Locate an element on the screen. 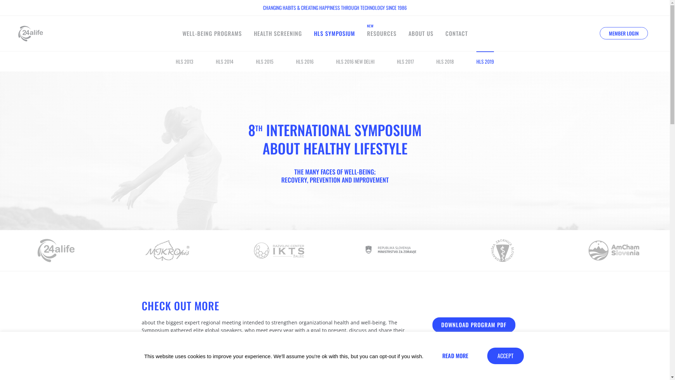 The width and height of the screenshot is (675, 380). 'CONTACT' is located at coordinates (457, 33).